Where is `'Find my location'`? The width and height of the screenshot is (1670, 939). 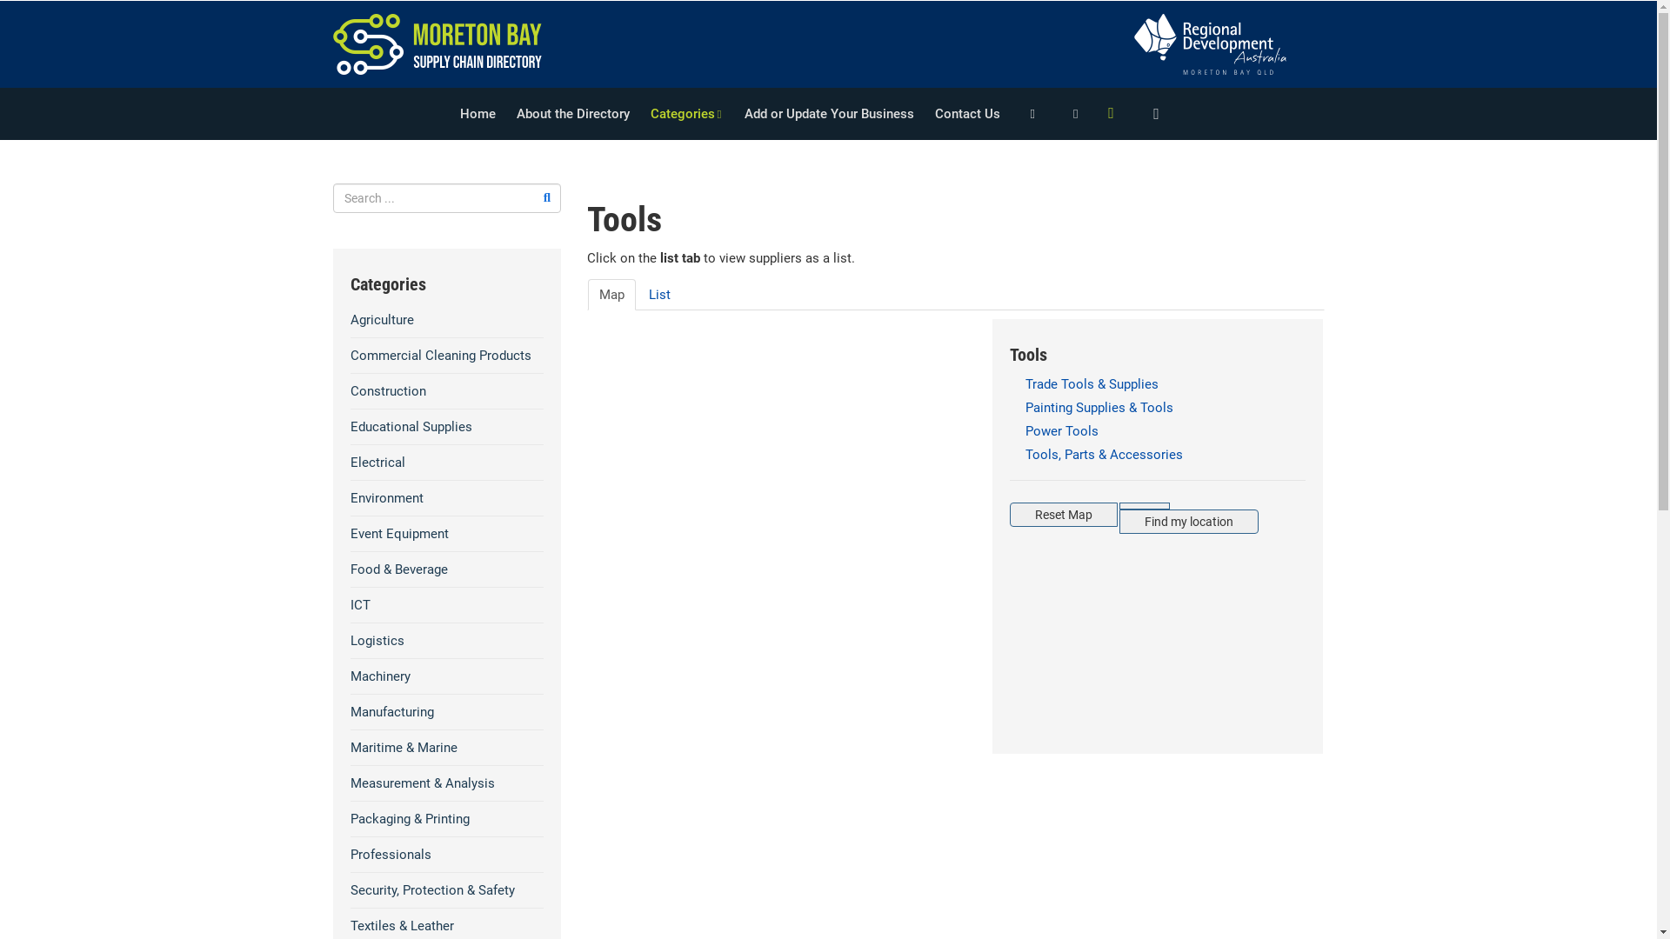 'Find my location' is located at coordinates (1119, 521).